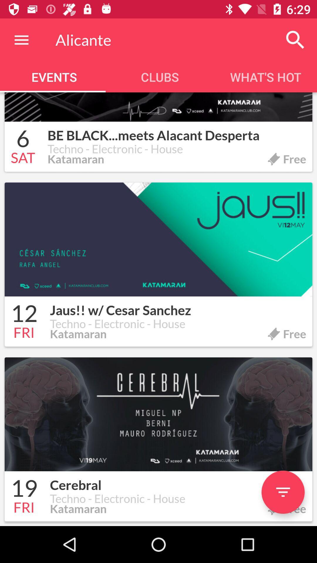 The image size is (317, 563). I want to click on the icon to the left of jaus w cesar icon, so click(24, 314).